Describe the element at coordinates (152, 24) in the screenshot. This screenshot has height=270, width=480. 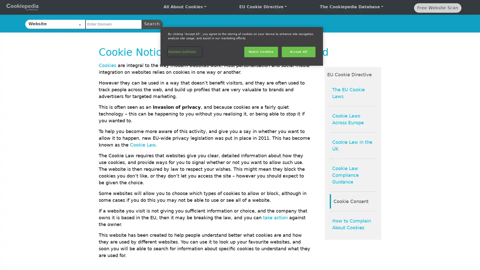
I see `Search` at that location.